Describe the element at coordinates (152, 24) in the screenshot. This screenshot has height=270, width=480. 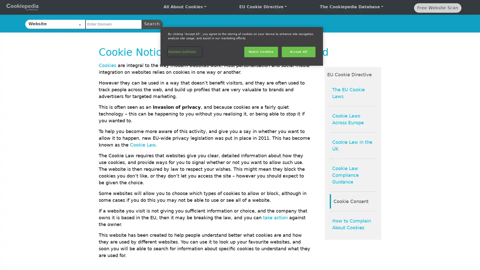
I see `Search` at that location.